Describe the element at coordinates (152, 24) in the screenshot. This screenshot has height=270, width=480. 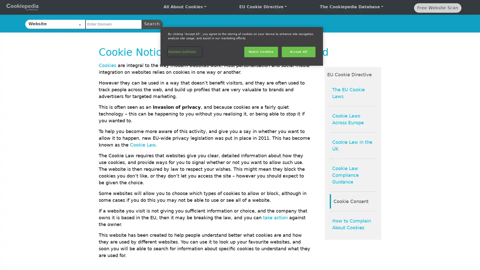
I see `Search` at that location.